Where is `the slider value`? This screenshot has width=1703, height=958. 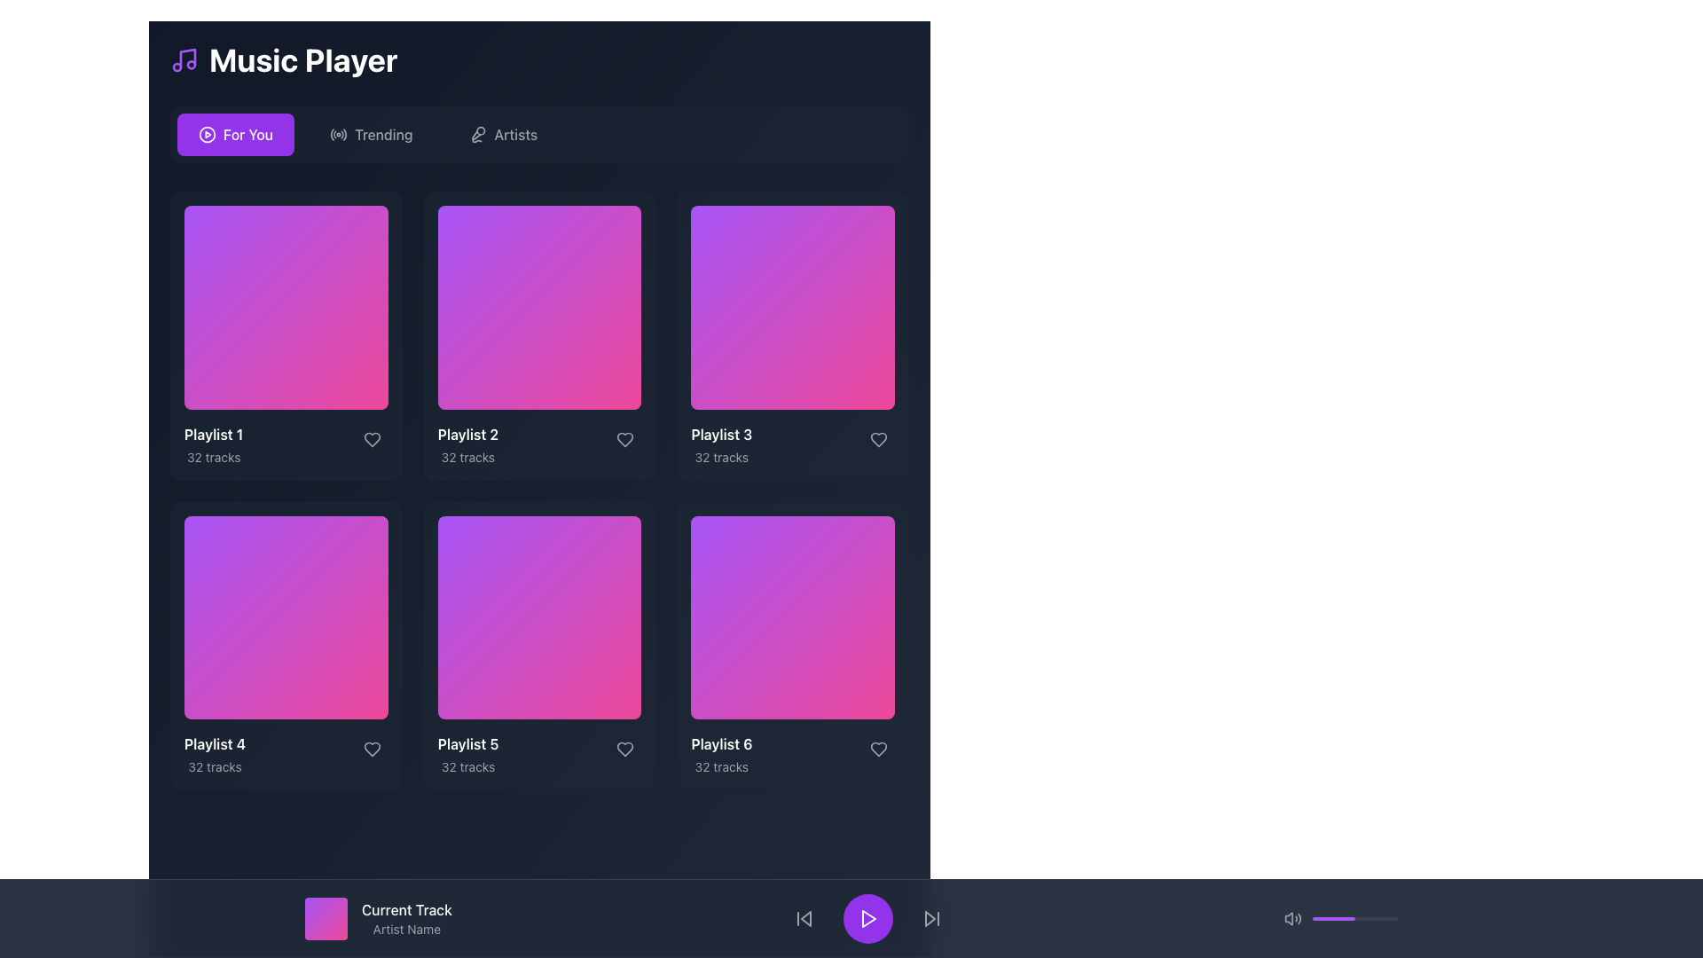 the slider value is located at coordinates (1379, 918).